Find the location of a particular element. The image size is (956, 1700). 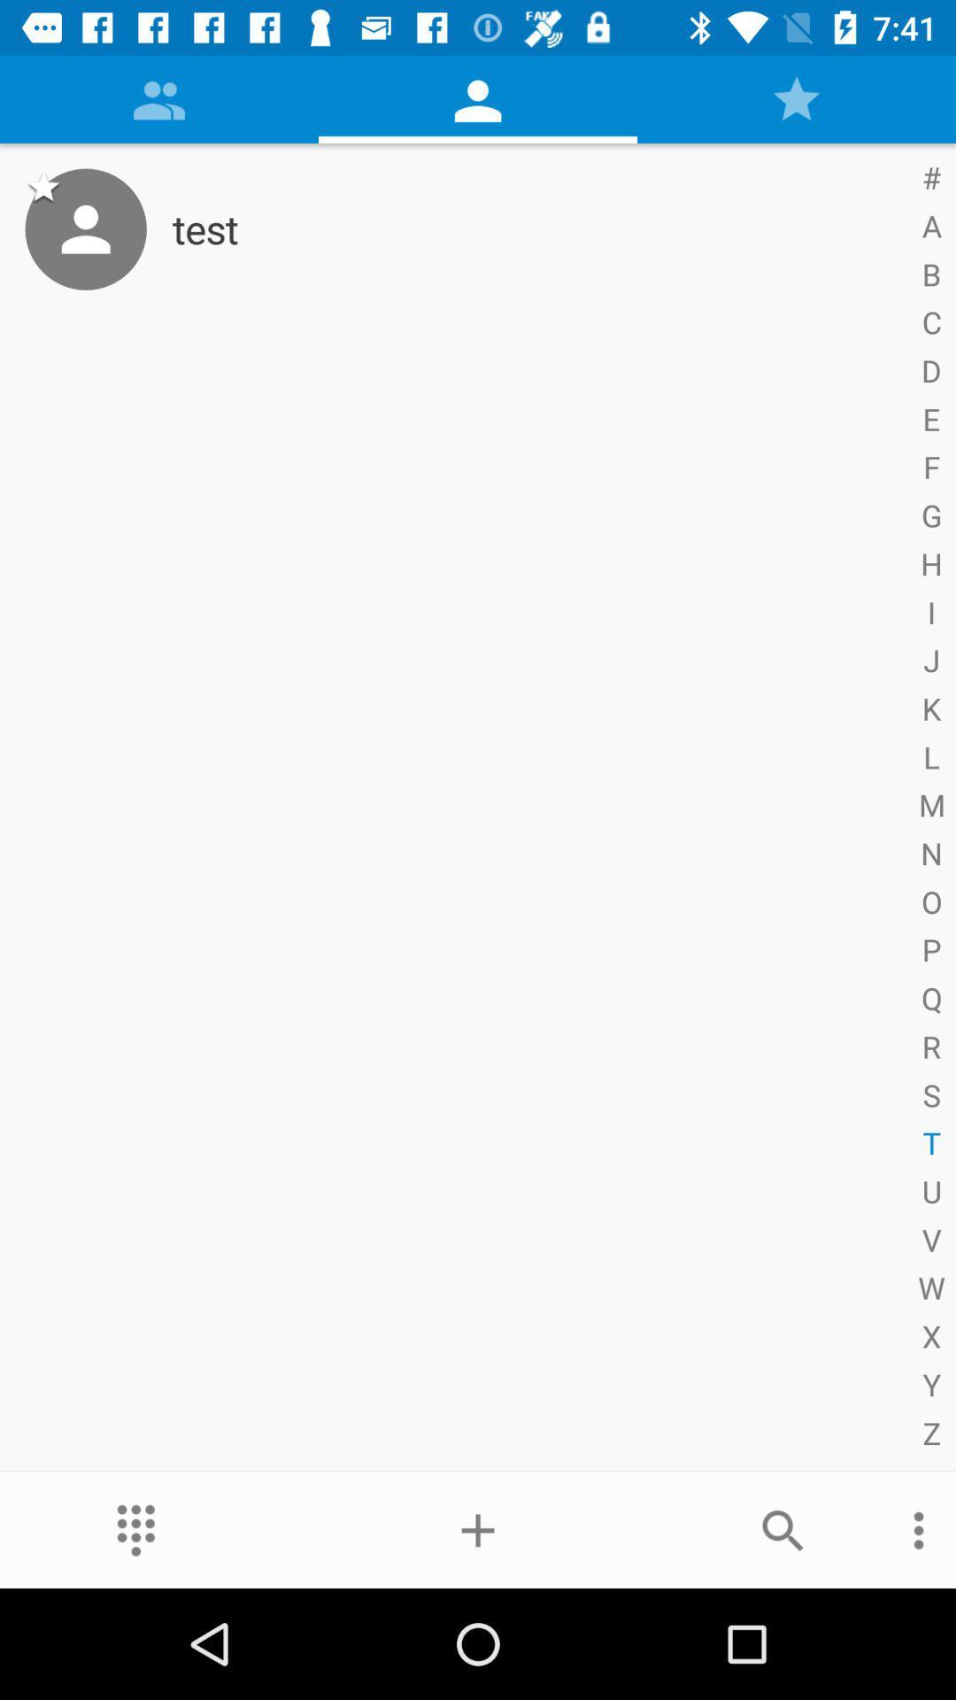

the add icon is located at coordinates (478, 1529).